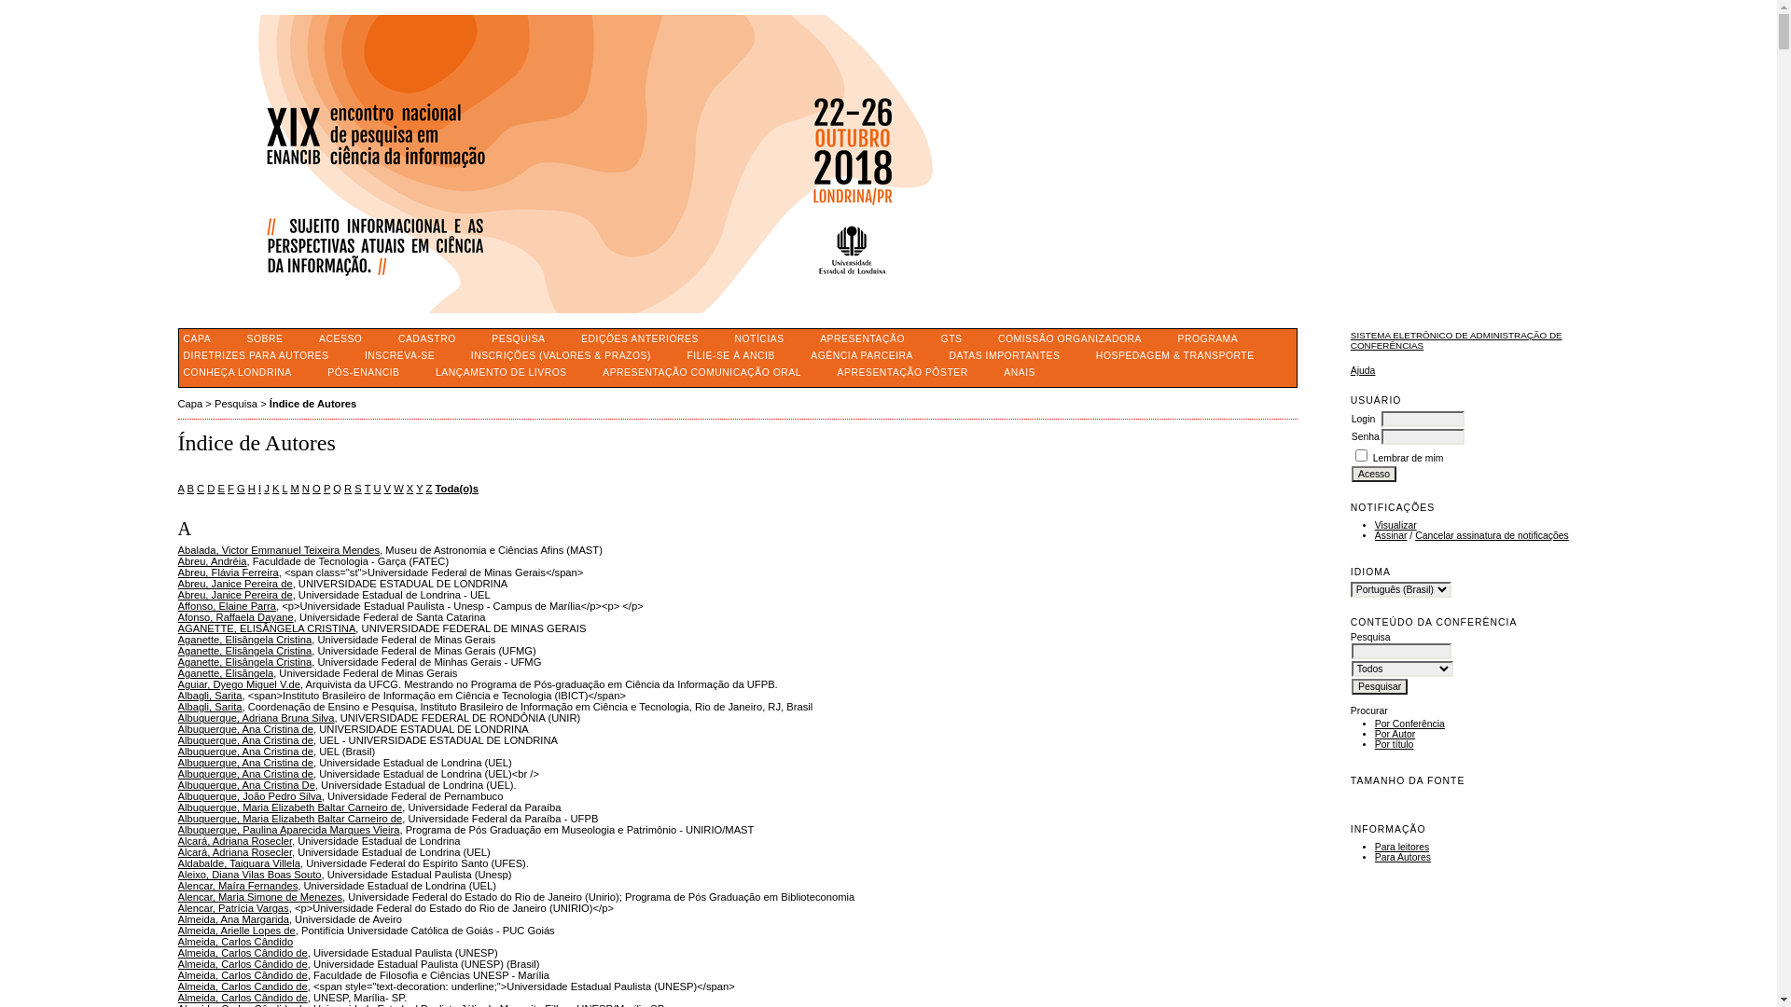 This screenshot has height=1007, width=1791. I want to click on 'K', so click(271, 488).